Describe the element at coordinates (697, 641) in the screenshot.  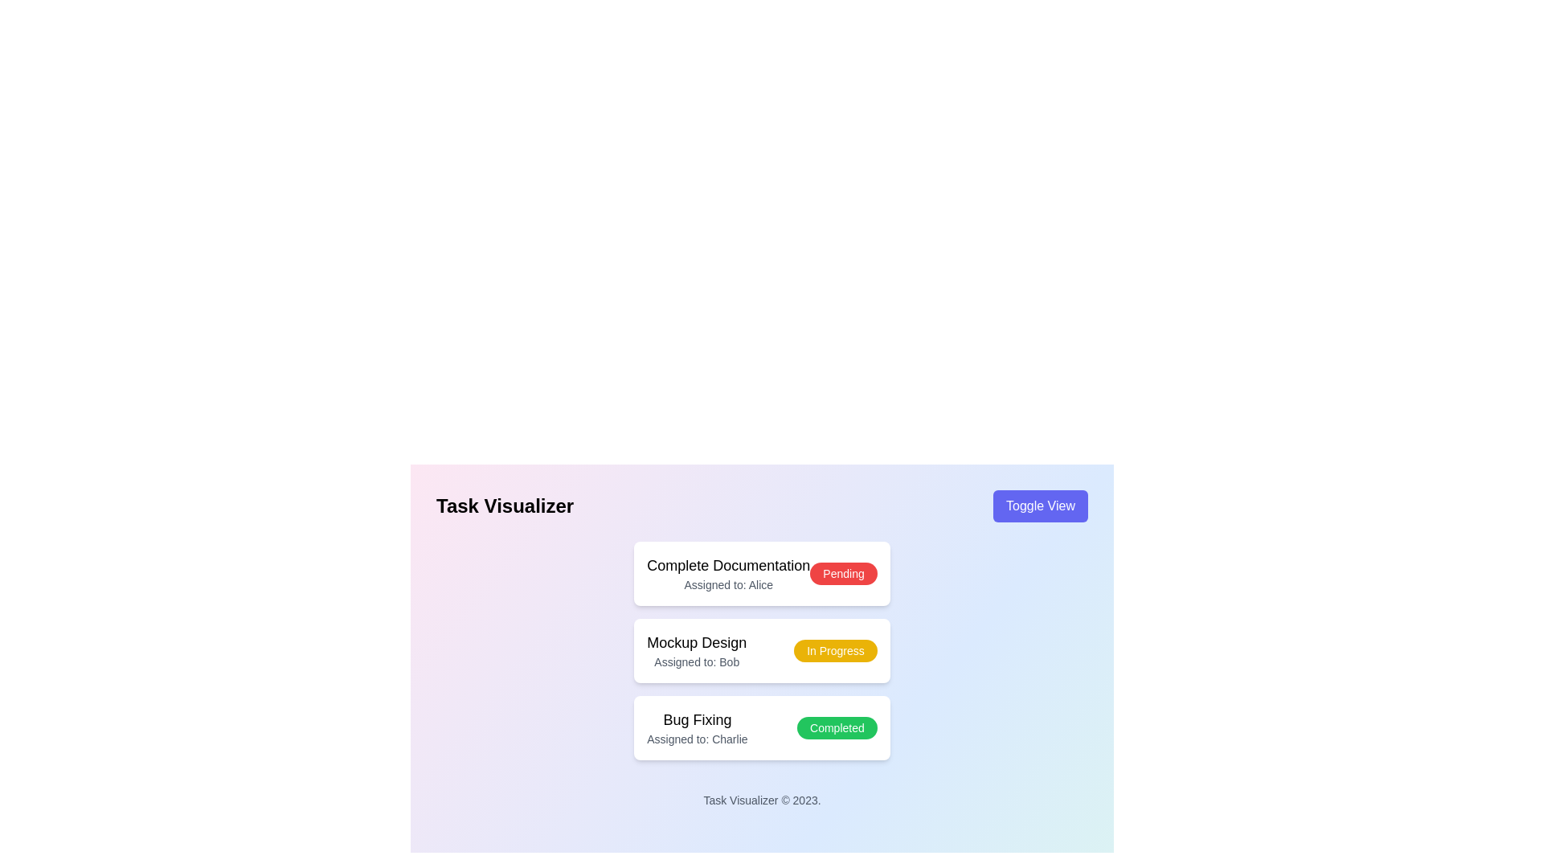
I see `text label that serves as the title of the task card located centrally in the middle task card of the three vertically presented task cards` at that location.